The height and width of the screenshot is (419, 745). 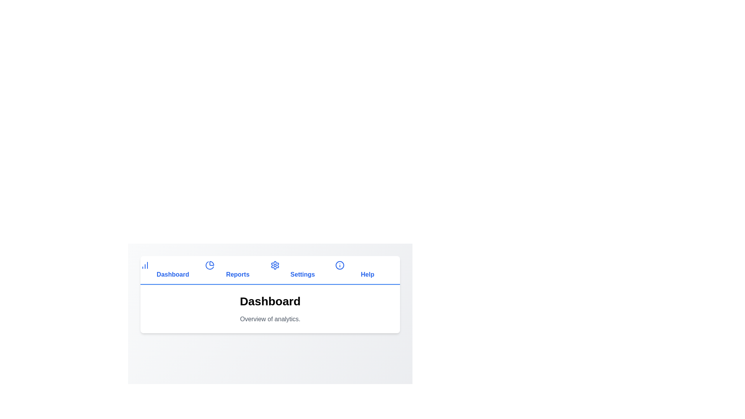 I want to click on the 'Settings' navigation tab, which is the third tab in the horizontal navigation menu, so click(x=302, y=270).